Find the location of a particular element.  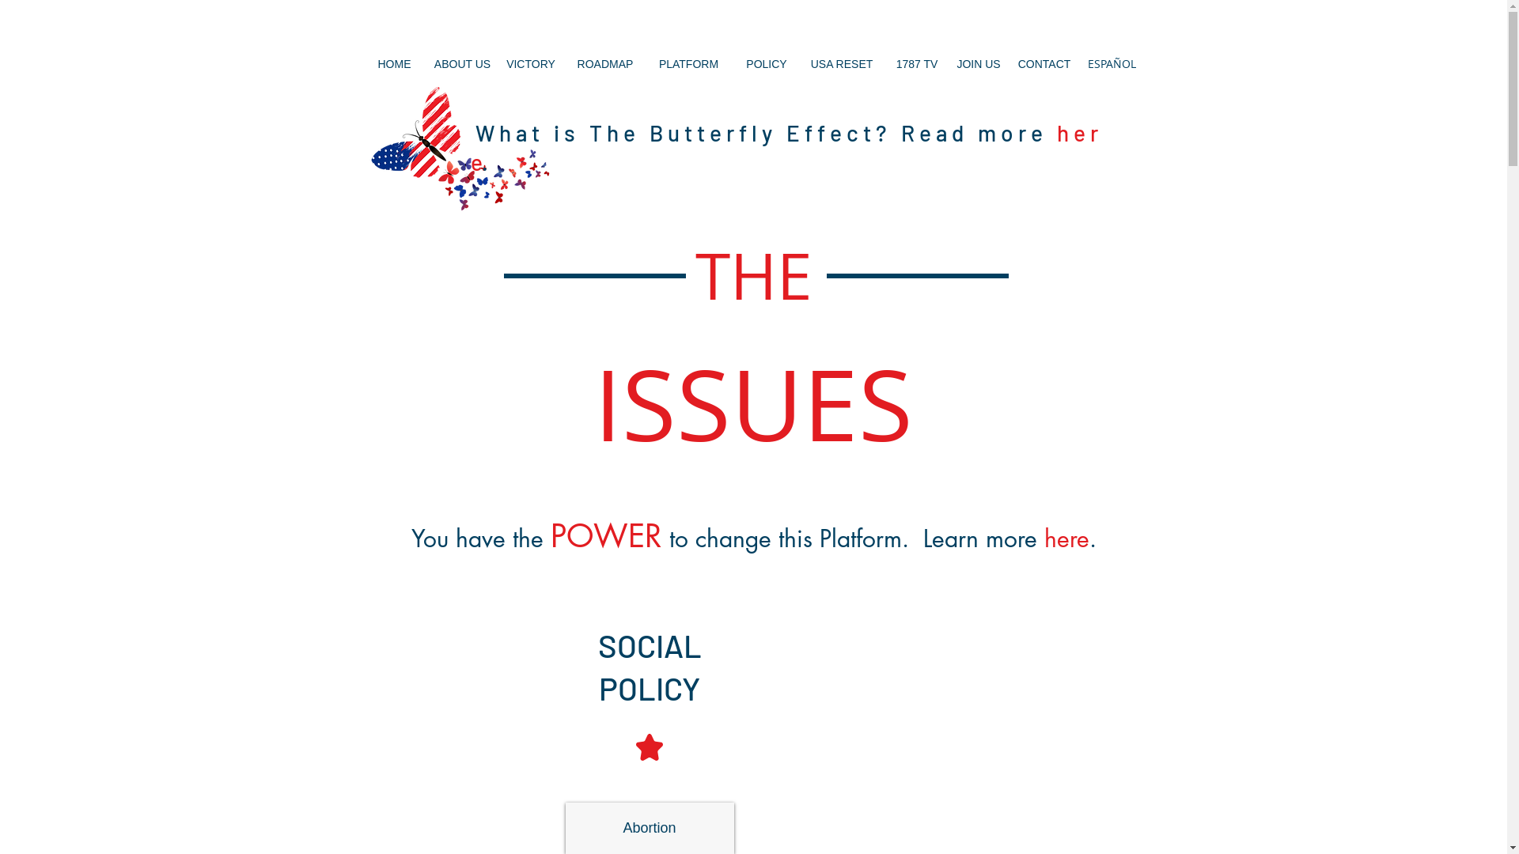

'PLATFORM' is located at coordinates (659, 62).